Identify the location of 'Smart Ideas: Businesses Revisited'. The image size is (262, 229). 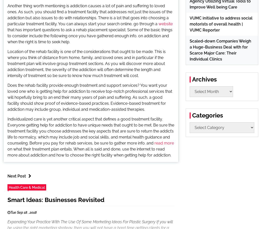
(7, 199).